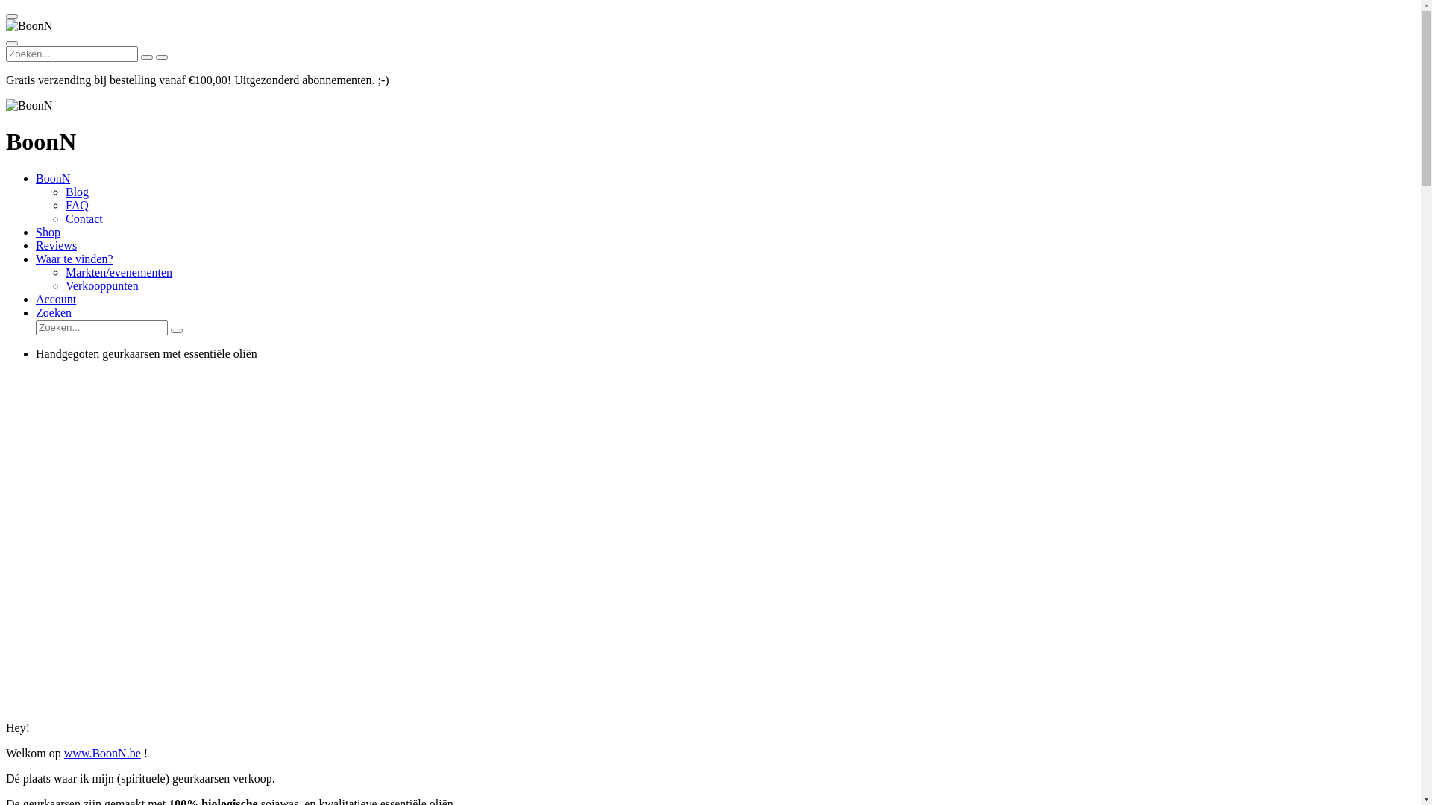 Image resolution: width=1432 pixels, height=805 pixels. I want to click on 'Waar te vinden?', so click(74, 258).